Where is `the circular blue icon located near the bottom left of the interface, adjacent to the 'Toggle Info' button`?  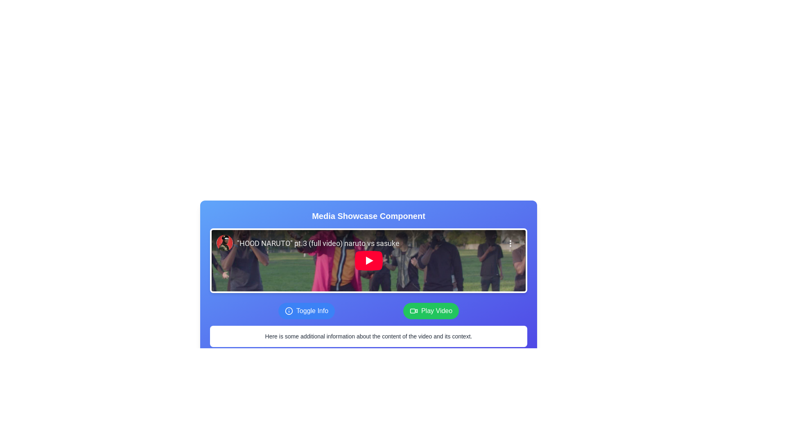 the circular blue icon located near the bottom left of the interface, adjacent to the 'Toggle Info' button is located at coordinates (289, 311).